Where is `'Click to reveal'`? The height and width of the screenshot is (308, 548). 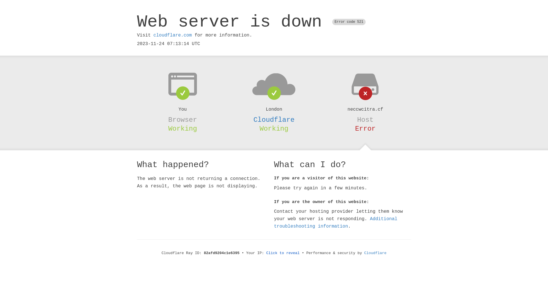
'Click to reveal' is located at coordinates (283, 253).